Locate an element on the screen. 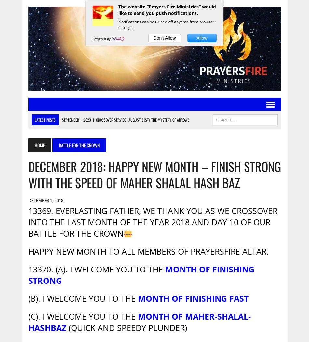 This screenshot has width=309, height=342. 'SEVEN (7) PRAYERS' is located at coordinates (78, 151).